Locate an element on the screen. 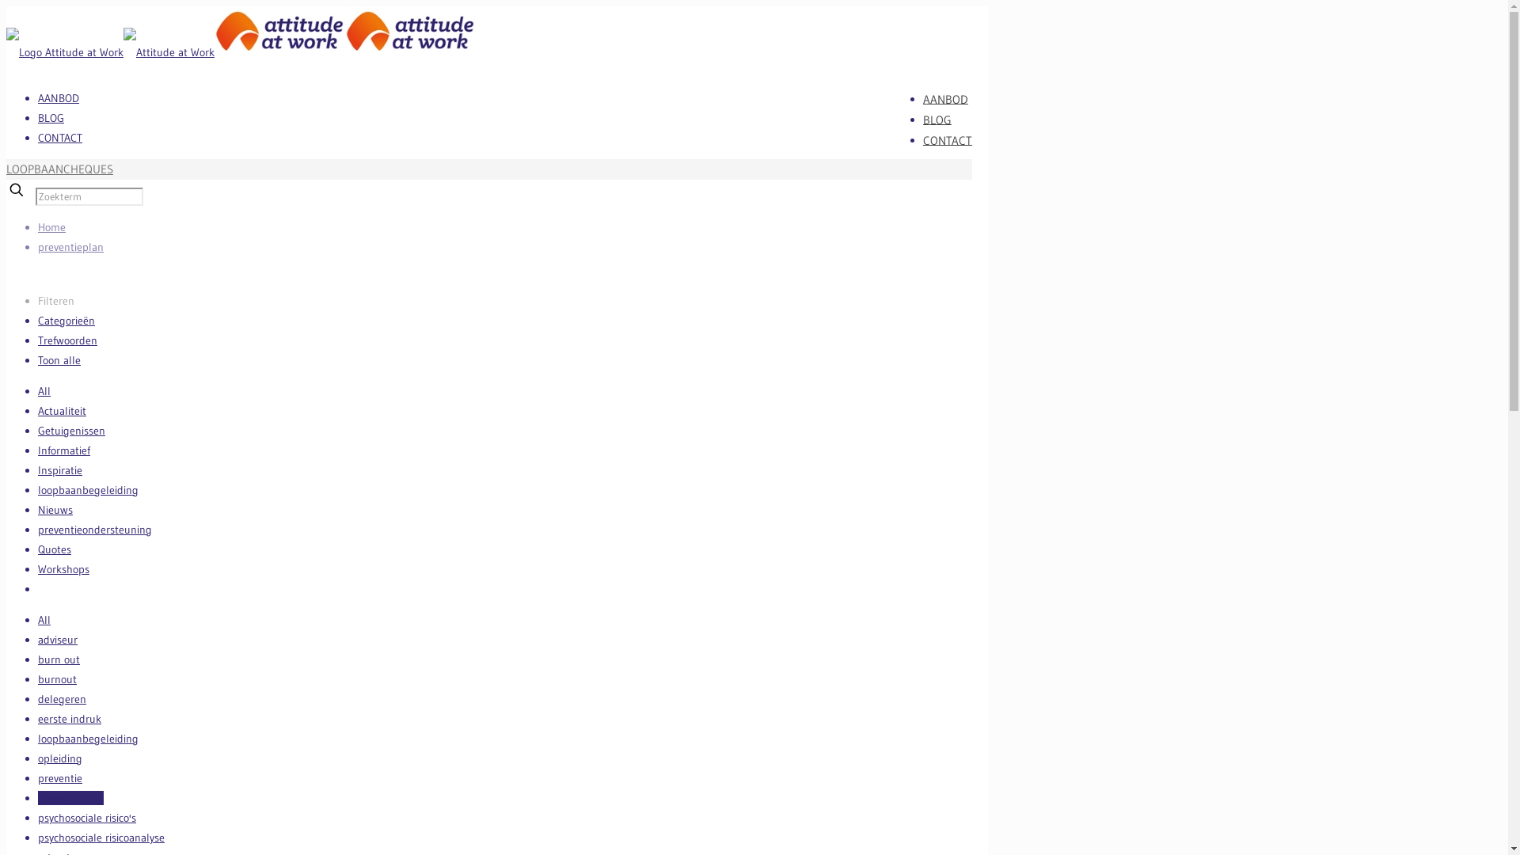  'Getuigenissen' is located at coordinates (70, 430).